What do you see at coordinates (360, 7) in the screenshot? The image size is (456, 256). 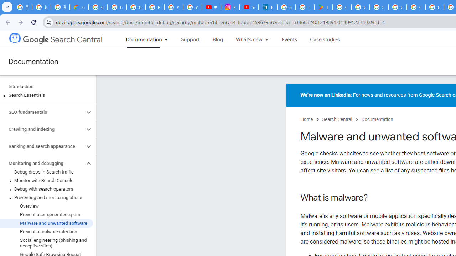 I see `'Google Workspace - Specific Terms'` at bounding box center [360, 7].